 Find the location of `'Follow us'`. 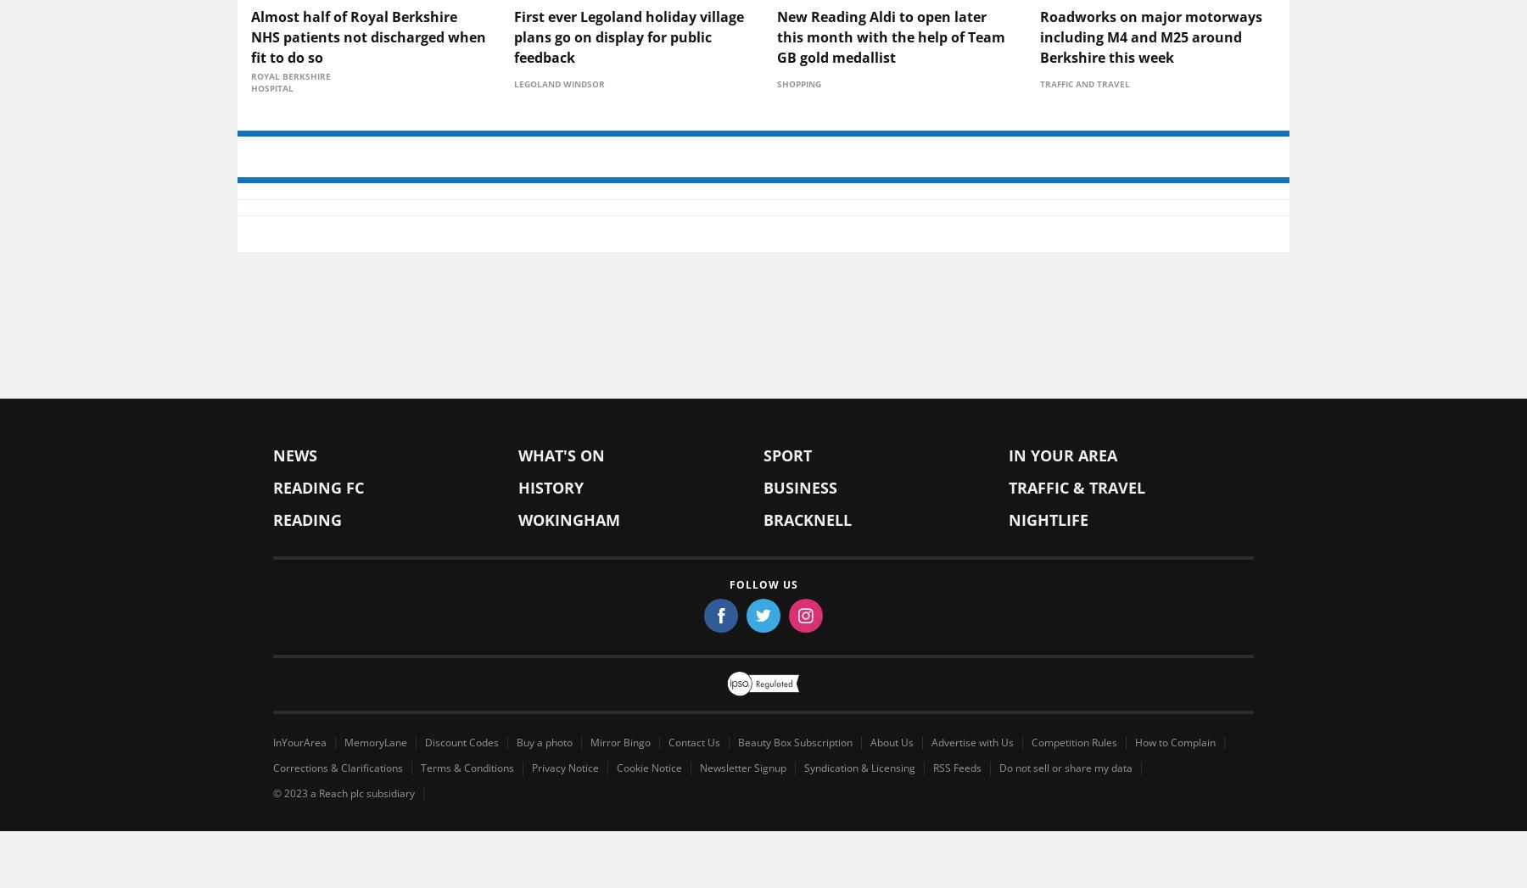

'Follow us' is located at coordinates (763, 719).